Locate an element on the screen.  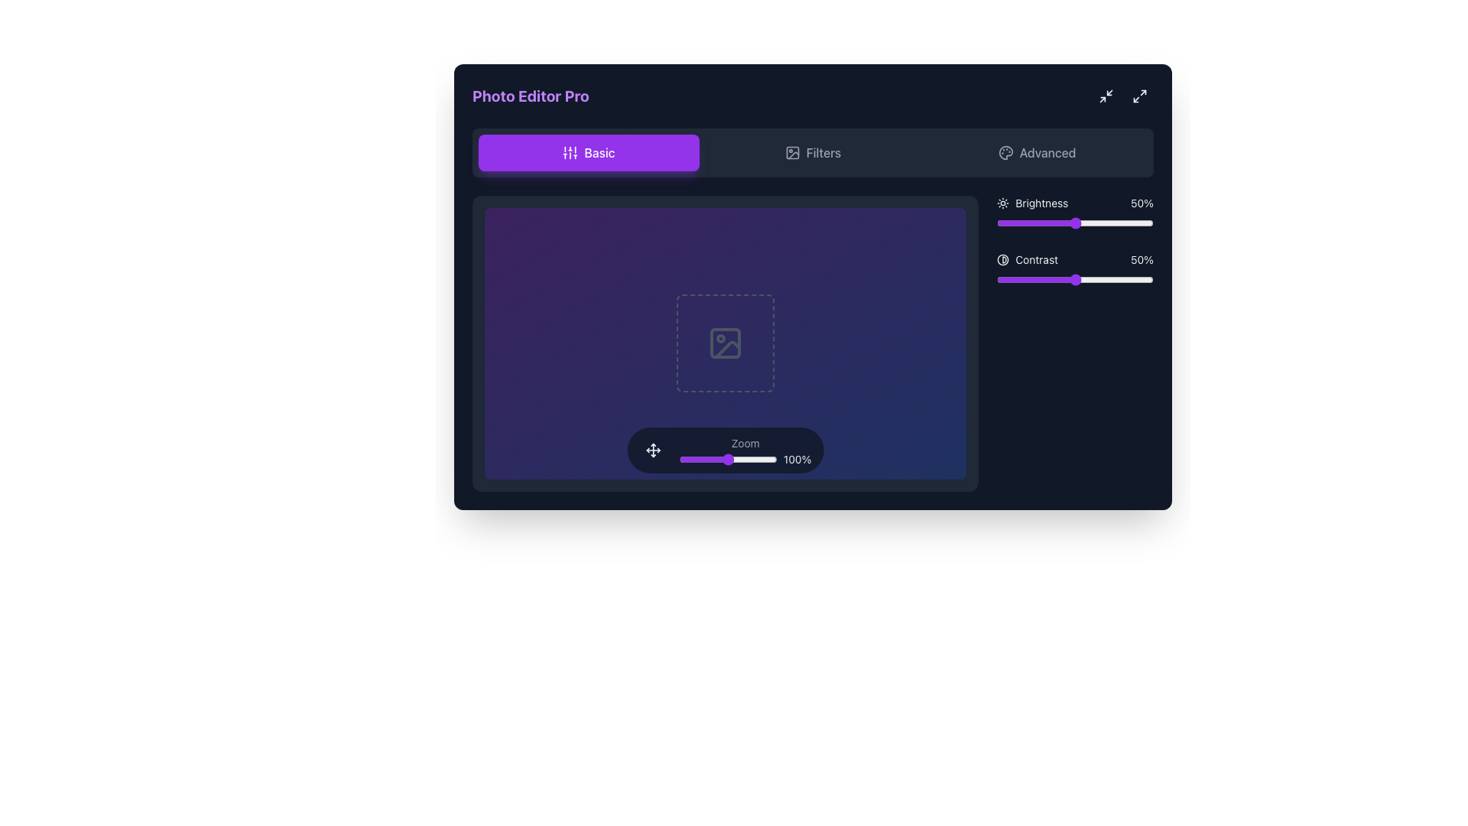
the vertical sliders icon located at the center of the purple button labeled 'Basic' is located at coordinates (570, 153).